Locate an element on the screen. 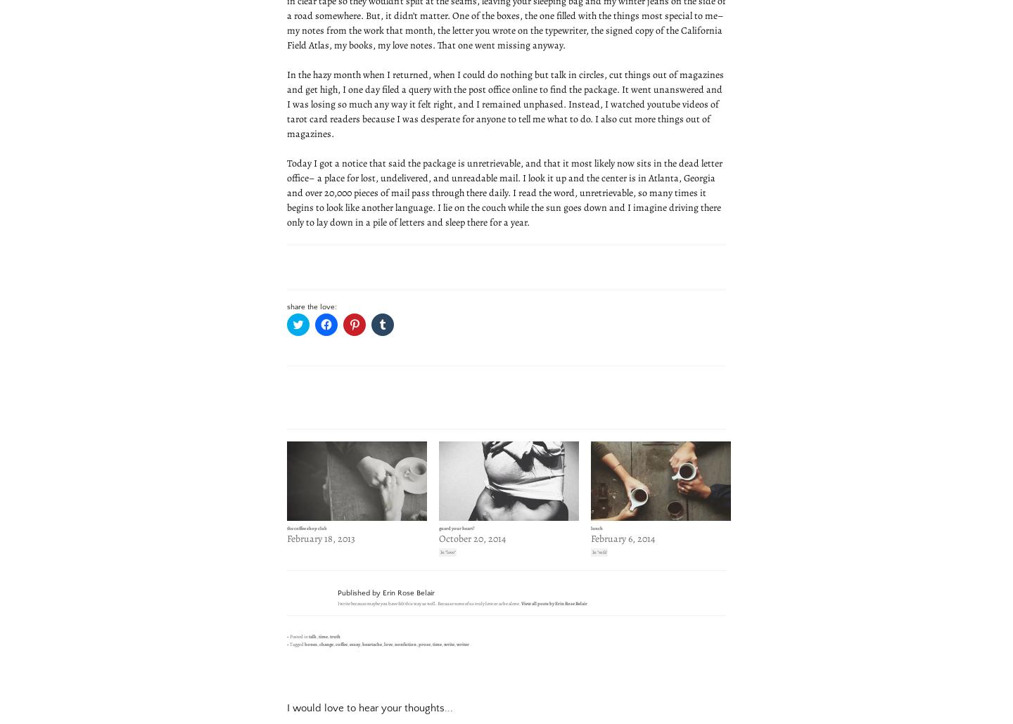 The height and width of the screenshot is (724, 1013). 'lunch' is located at coordinates (596, 527).